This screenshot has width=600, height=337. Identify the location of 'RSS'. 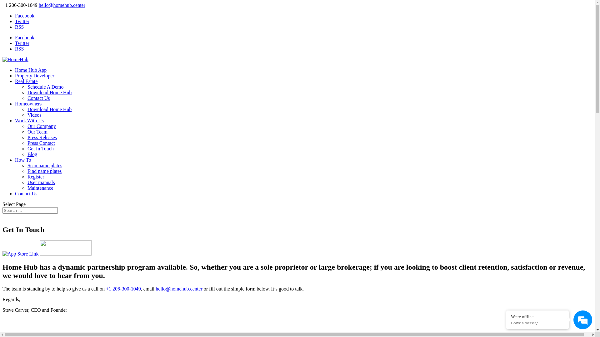
(19, 48).